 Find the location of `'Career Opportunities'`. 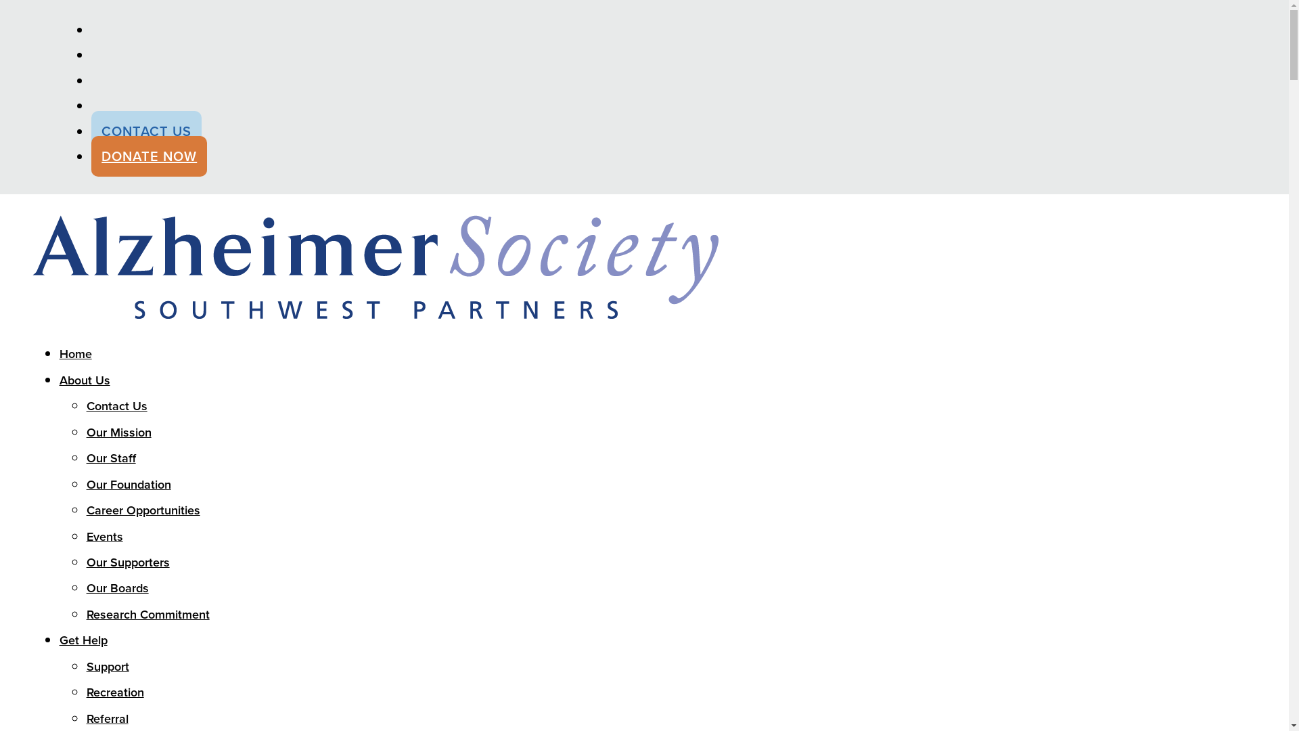

'Career Opportunities' is located at coordinates (143, 510).